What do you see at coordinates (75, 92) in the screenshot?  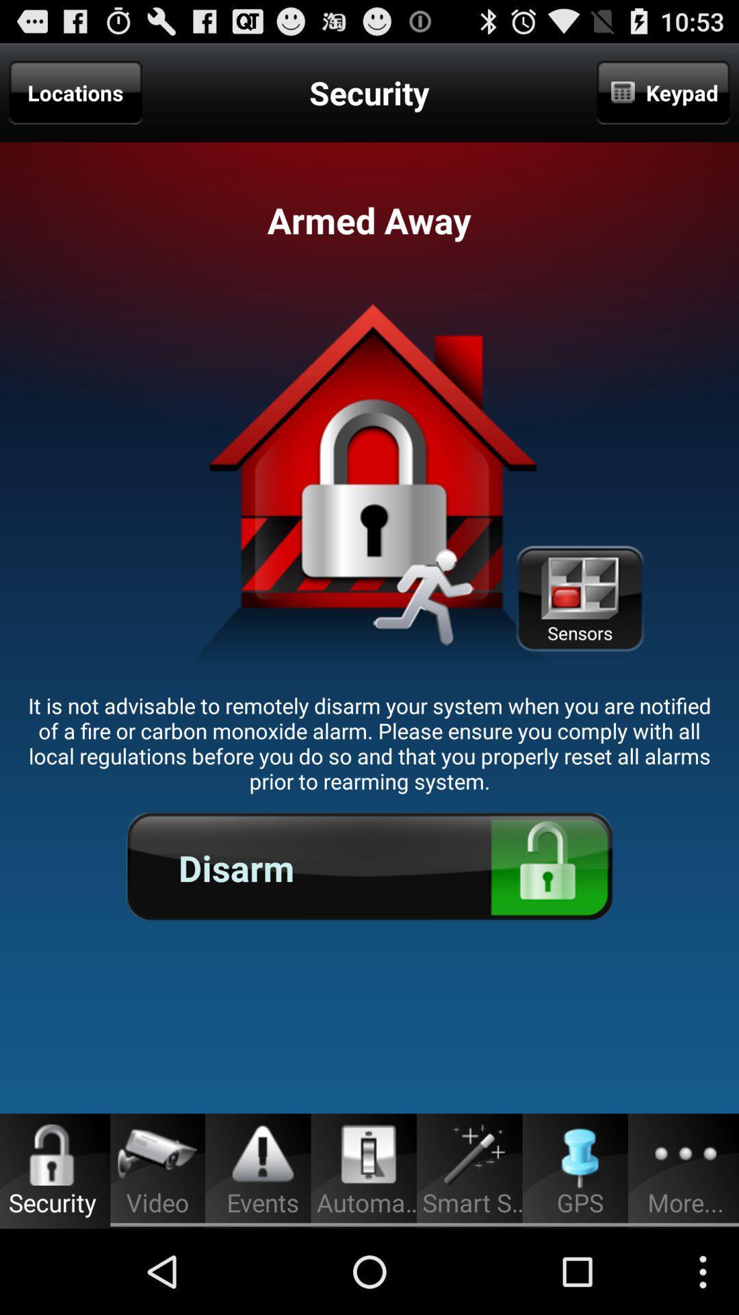 I see `item at the top left corner` at bounding box center [75, 92].